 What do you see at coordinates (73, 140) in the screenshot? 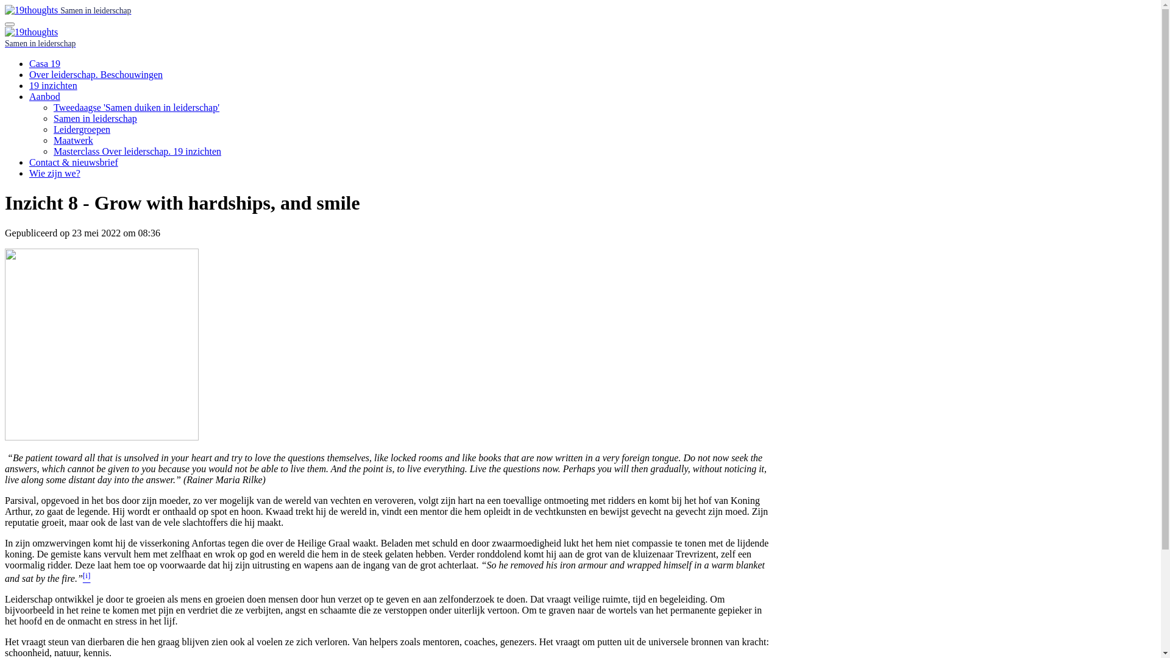
I see `'Maatwerk'` at bounding box center [73, 140].